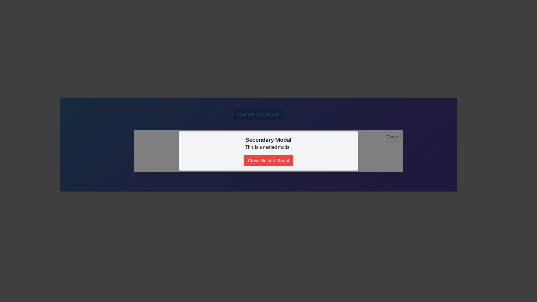 The width and height of the screenshot is (537, 302). I want to click on text label that displays 'This is a nested modal.' which is located beneath the title 'Secondary Modal' in the light background modal interface, so click(268, 147).